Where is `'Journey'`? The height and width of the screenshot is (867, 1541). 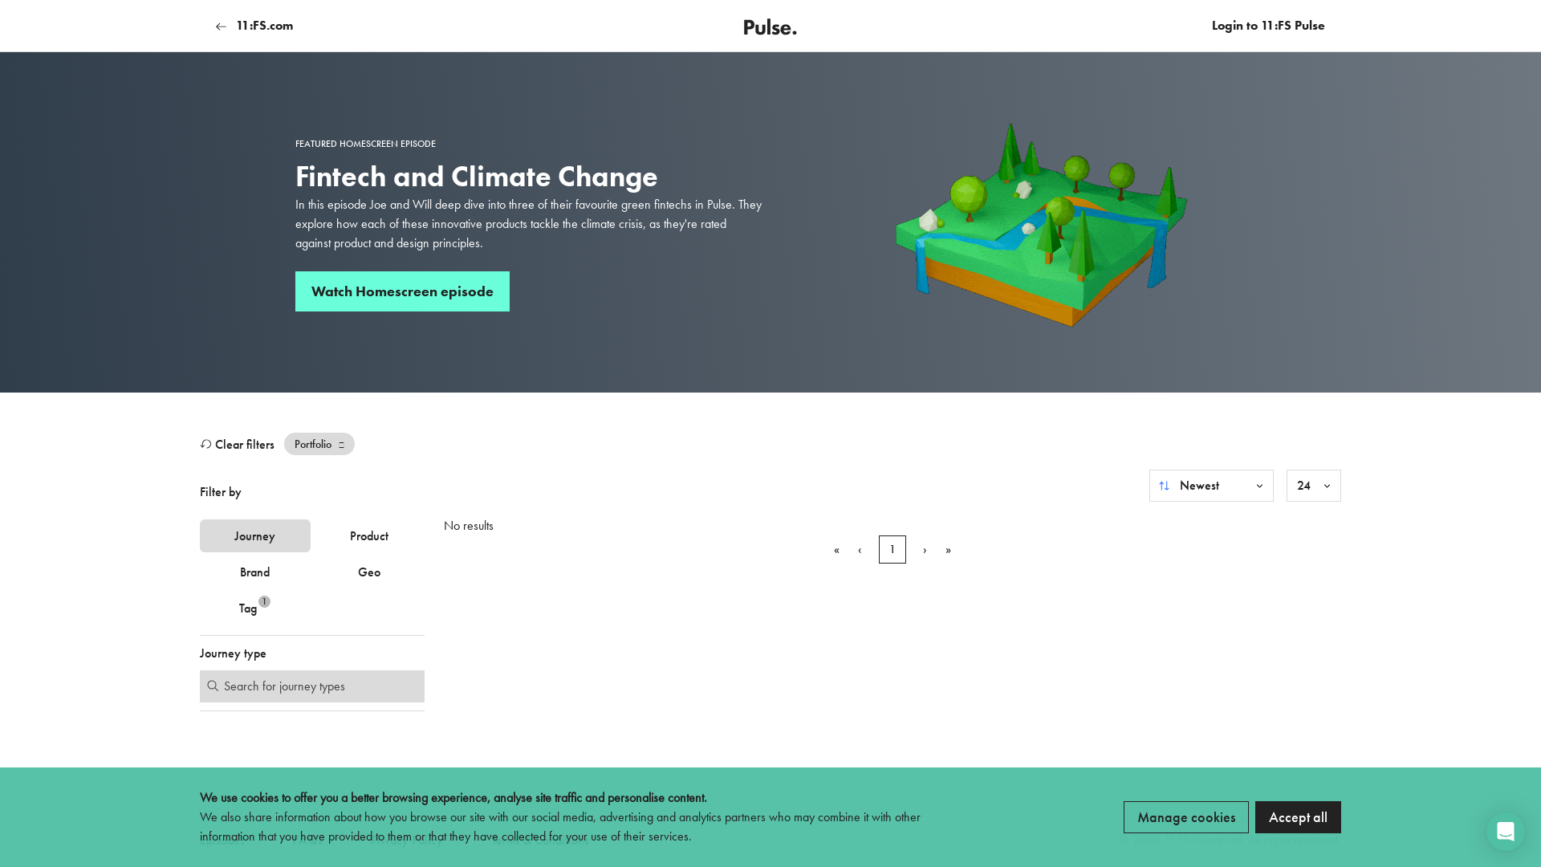 'Journey' is located at coordinates (254, 535).